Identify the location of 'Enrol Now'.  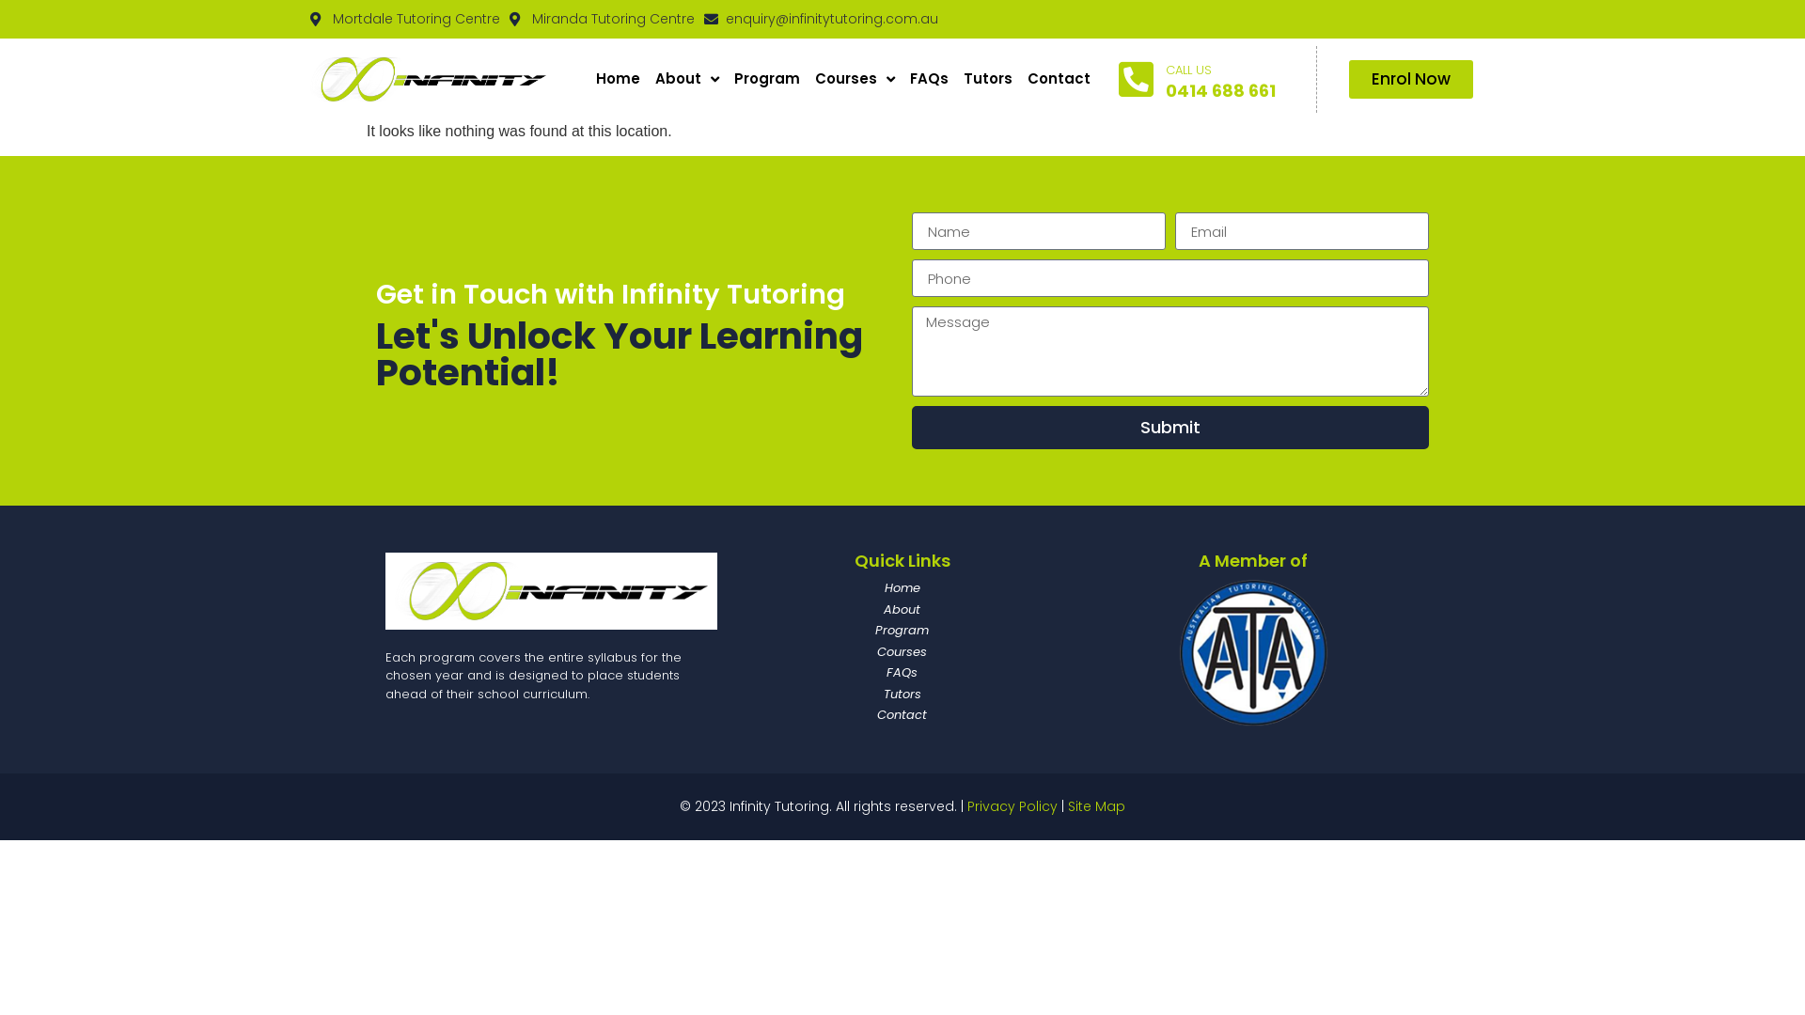
(1411, 78).